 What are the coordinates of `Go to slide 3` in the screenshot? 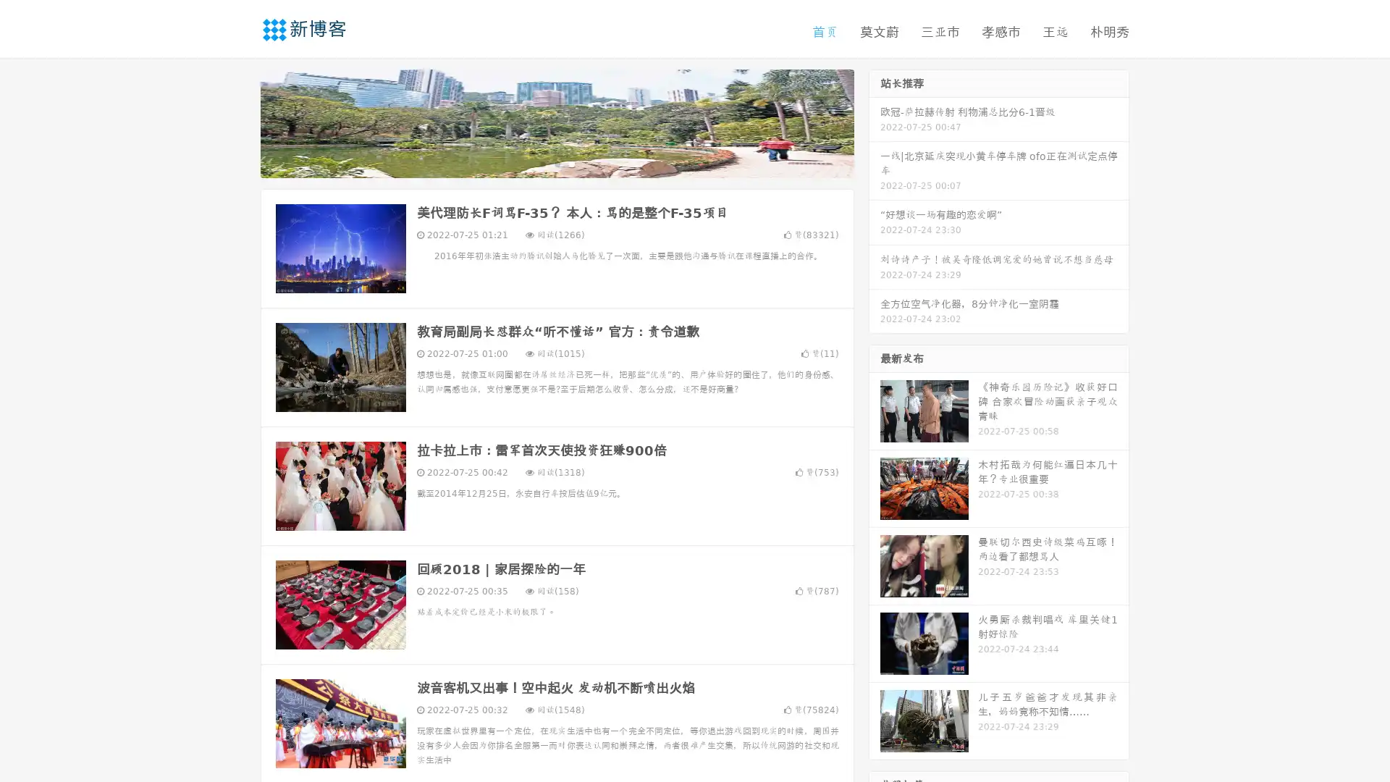 It's located at (571, 163).